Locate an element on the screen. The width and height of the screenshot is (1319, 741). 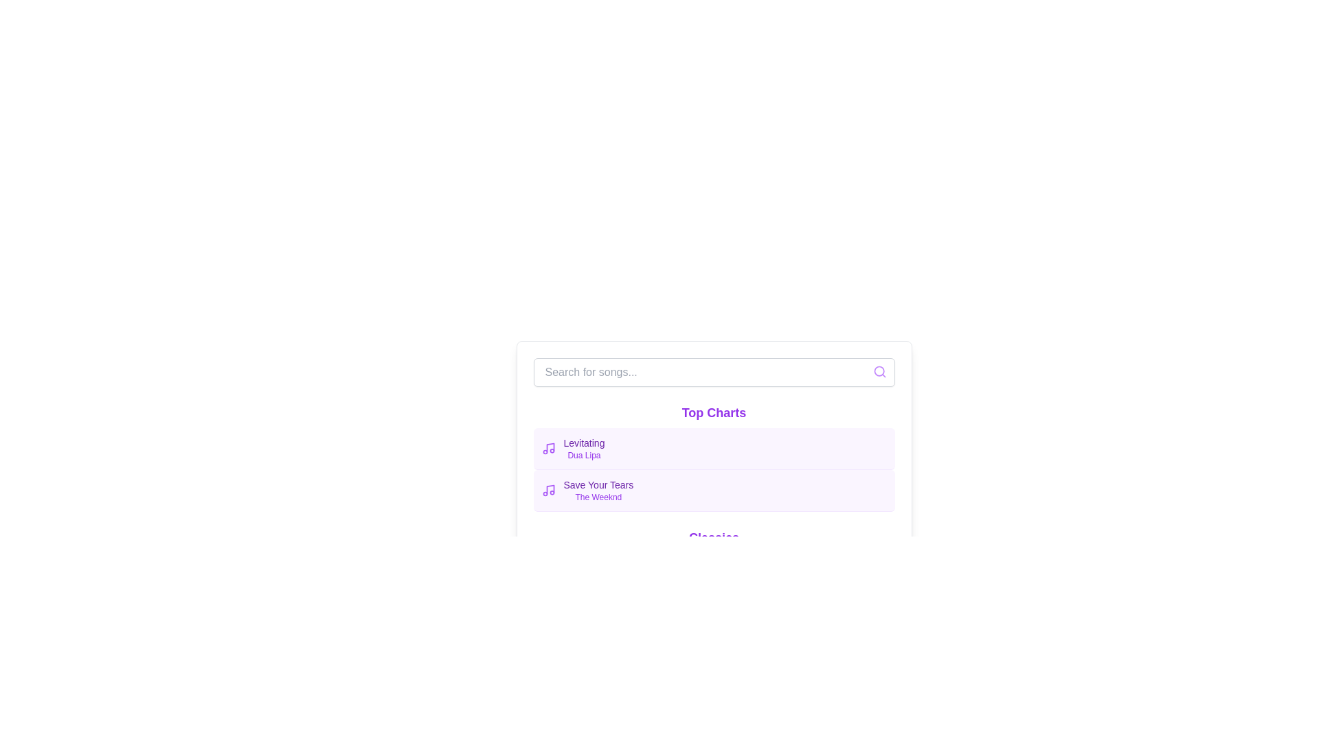
the text label group that contains 'Save Your Tears' and 'The Weeknd' is located at coordinates (598, 489).